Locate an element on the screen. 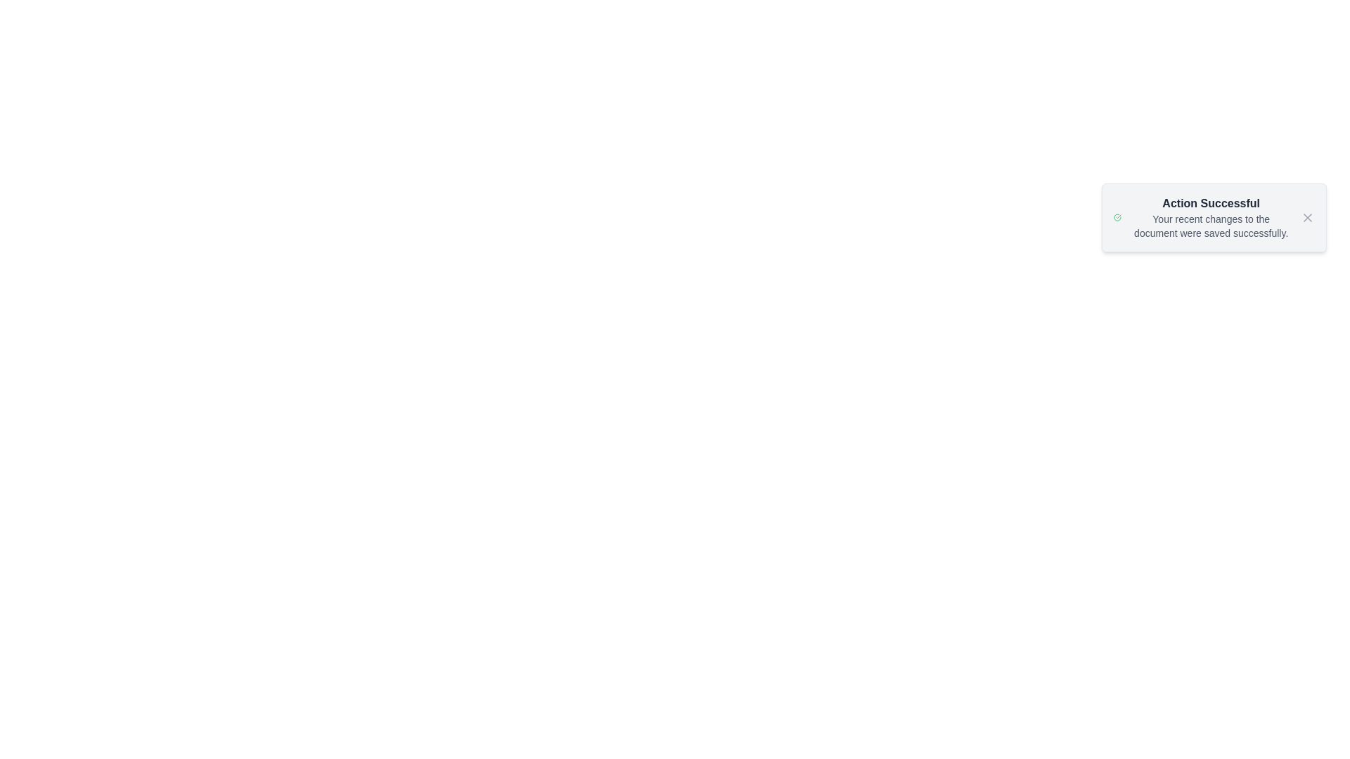 The width and height of the screenshot is (1350, 759). the alert icon to inspect it visually is located at coordinates (1117, 217).